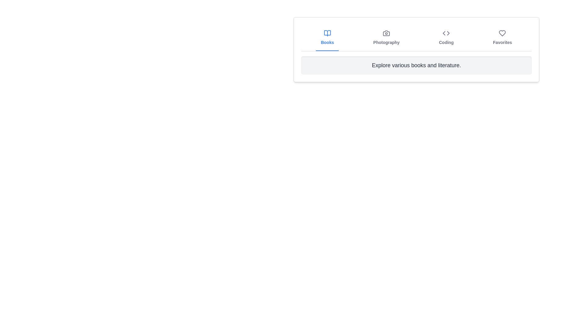  Describe the element at coordinates (444, 33) in the screenshot. I see `the leftward triangle icon in the 'Coding' tab located in the top right section of the interface` at that location.